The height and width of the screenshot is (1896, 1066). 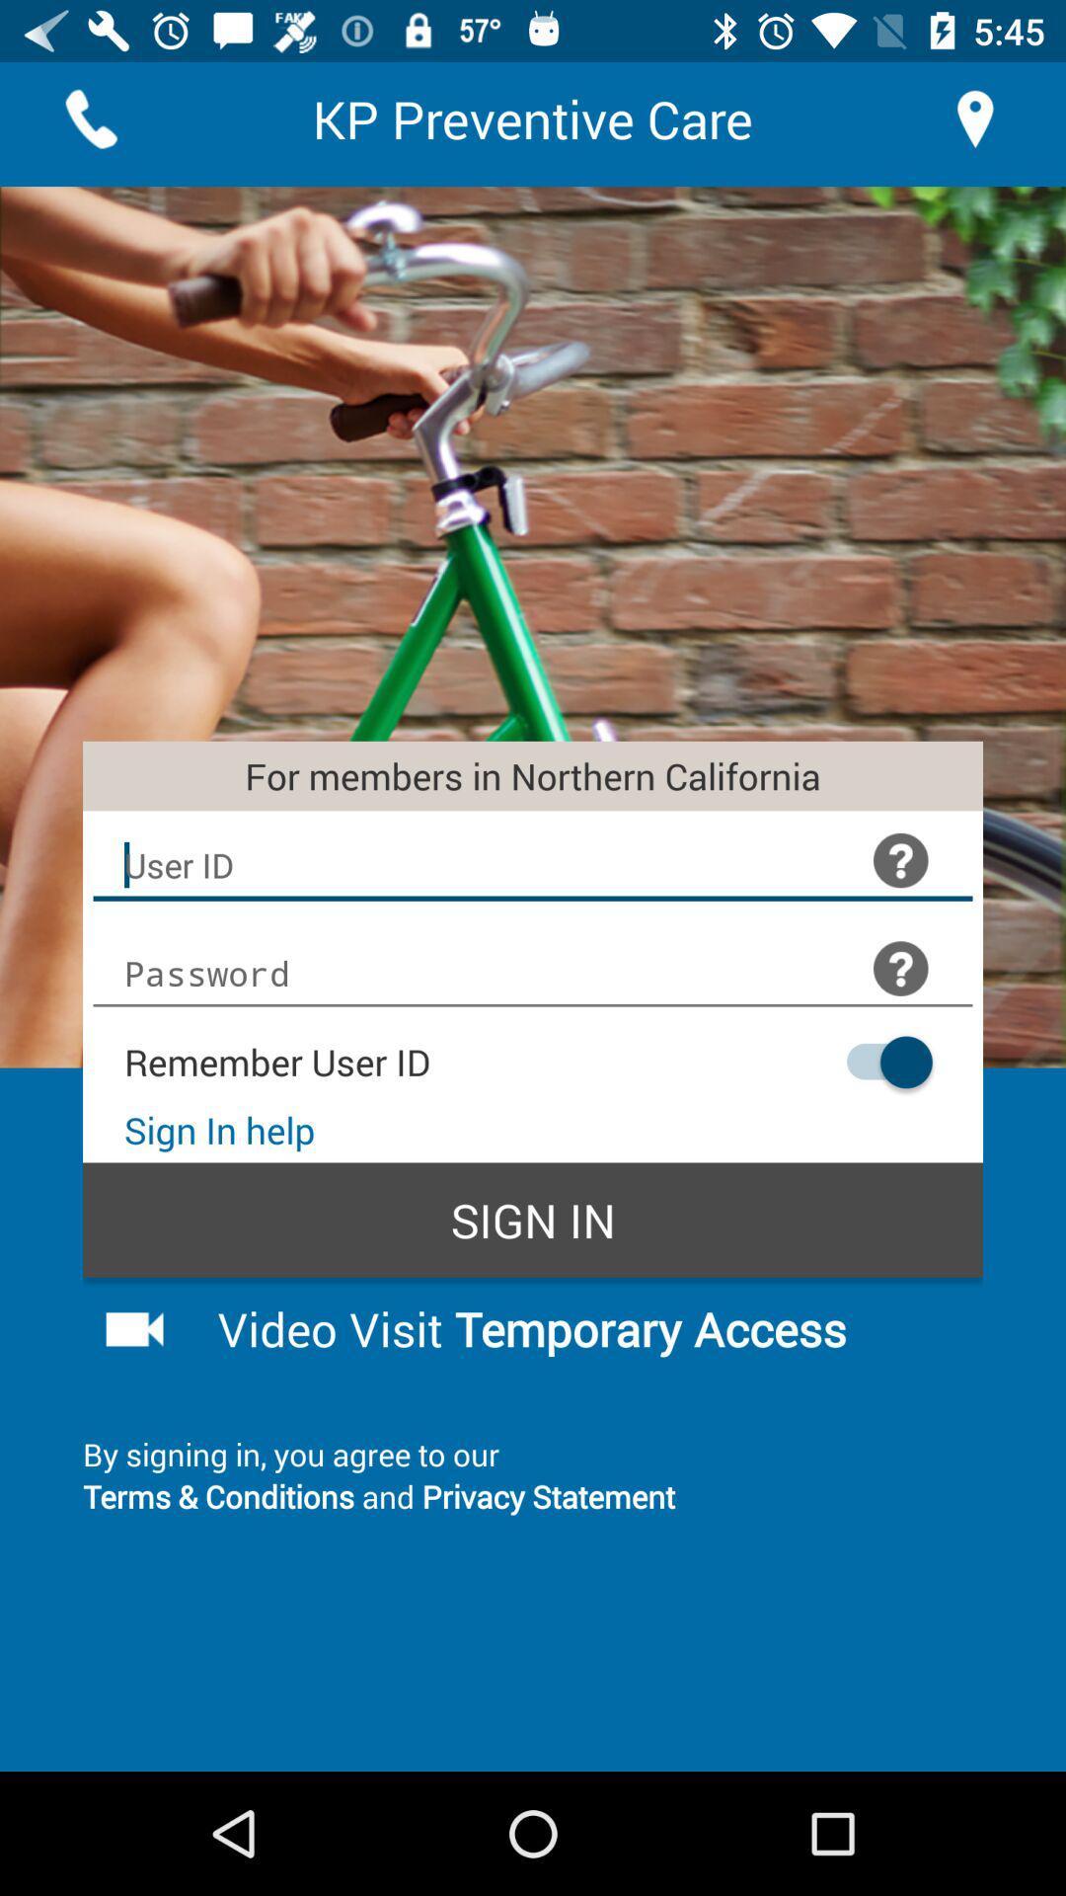 What do you see at coordinates (583, 1328) in the screenshot?
I see `button below sign in item` at bounding box center [583, 1328].